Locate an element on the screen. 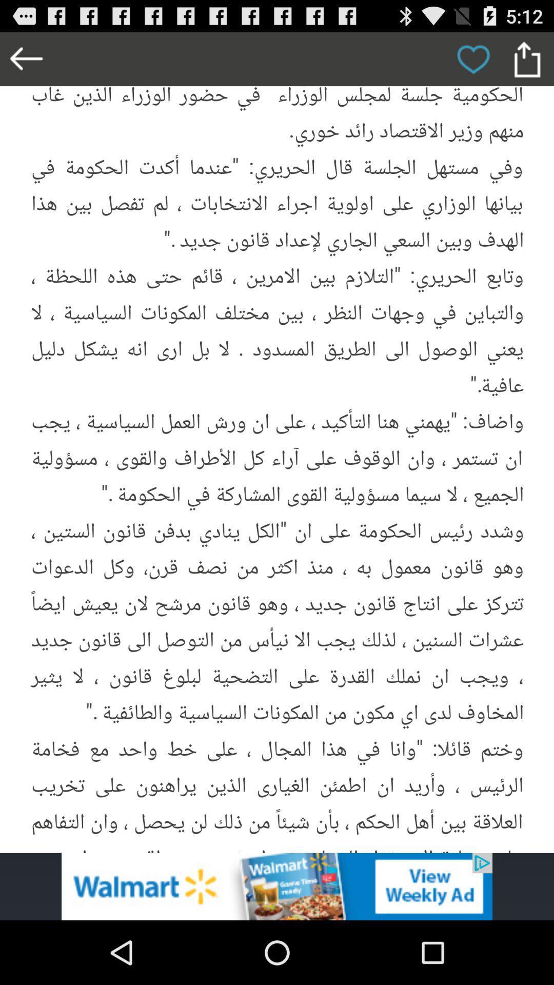 The height and width of the screenshot is (985, 554). the advertisement is located at coordinates (277, 886).